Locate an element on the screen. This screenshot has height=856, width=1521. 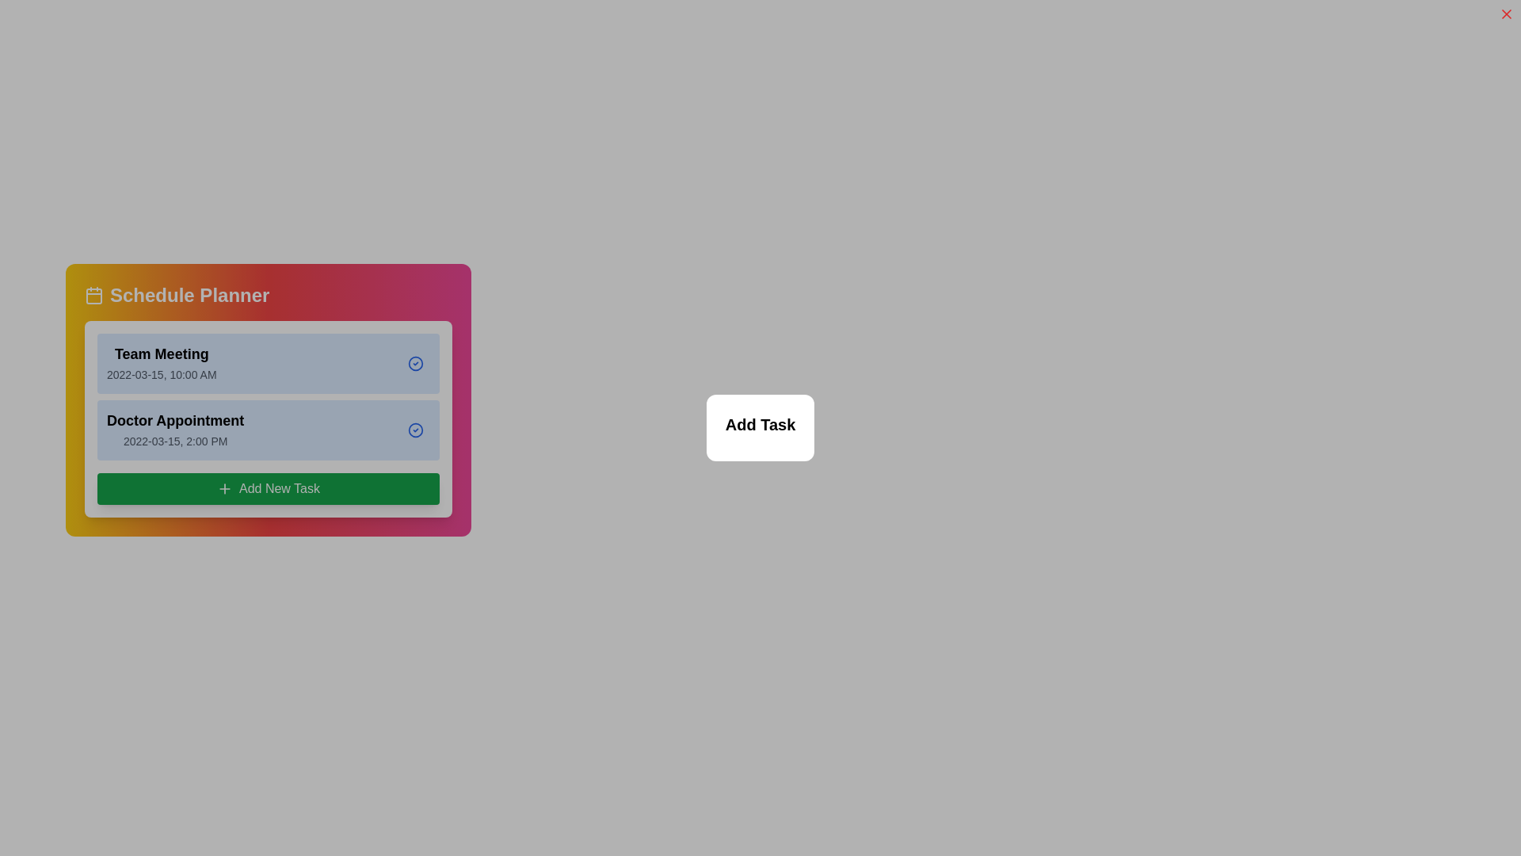
displayed information from the text display element labeled 'Team Meeting' located in the first task card of the 'Schedule Planner' area is located at coordinates (162, 364).